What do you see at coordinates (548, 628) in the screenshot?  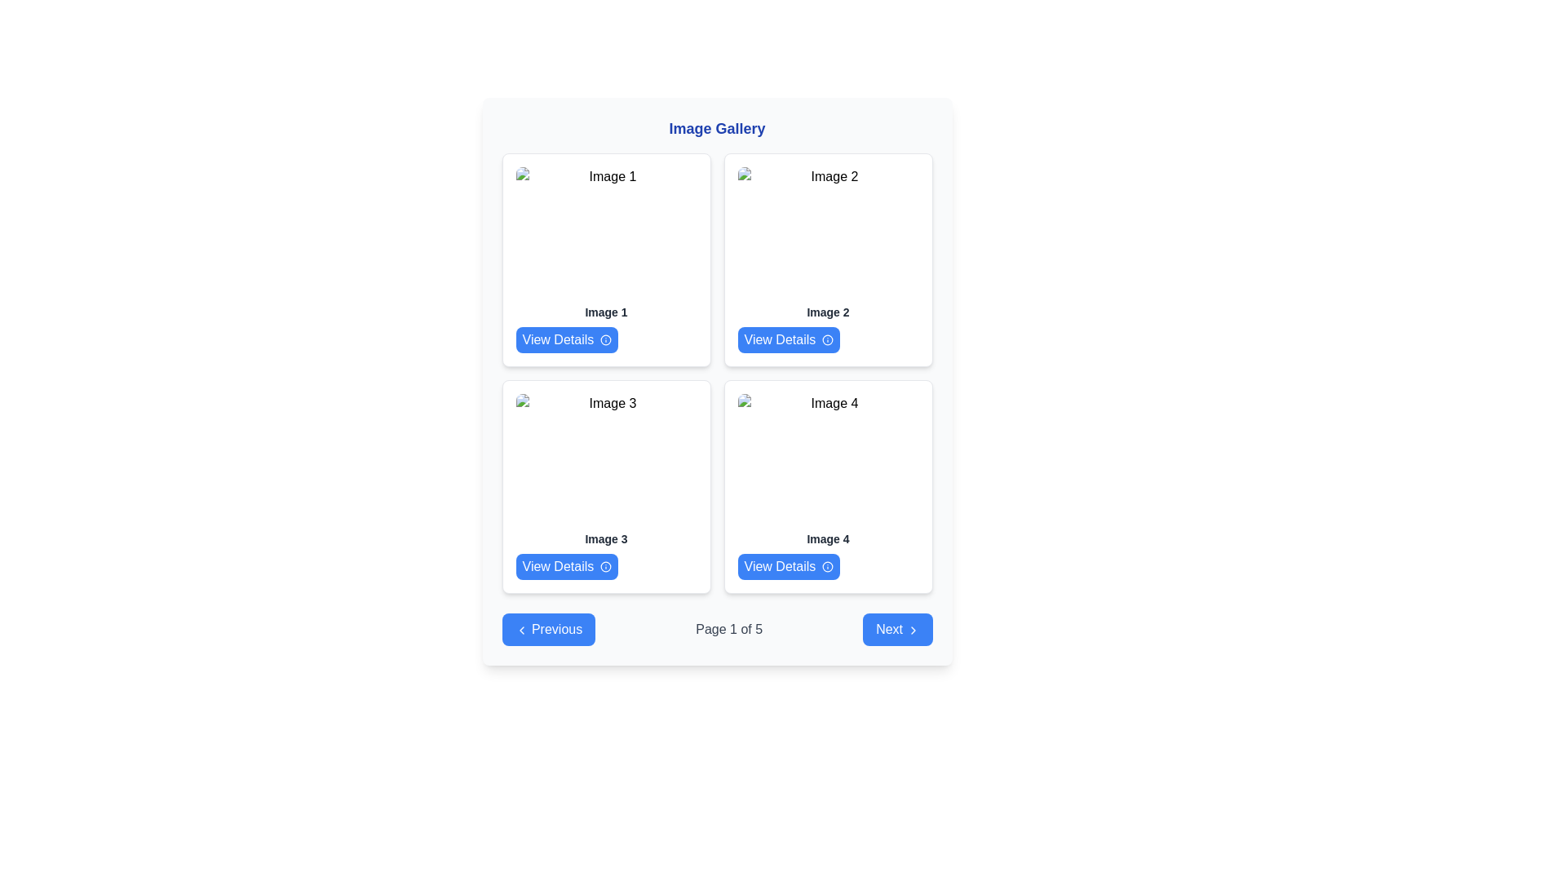 I see `the 'Previous' button with a blue background and white text, located at the bottom left of the pagination controls` at bounding box center [548, 628].